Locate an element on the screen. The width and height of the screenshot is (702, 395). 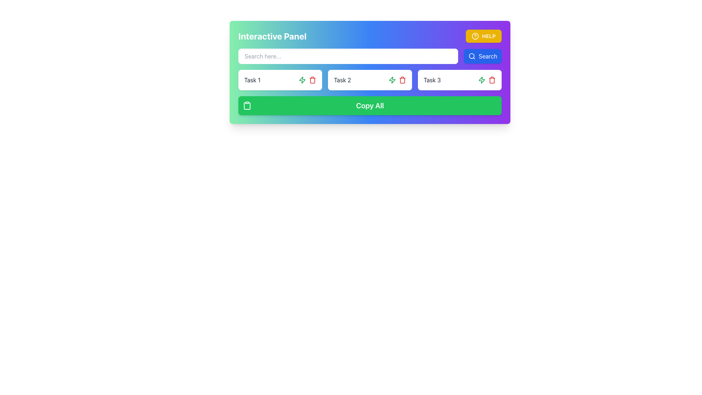
the green SVG icon located in the second task box labeled 'Task 2' is located at coordinates (302, 80).